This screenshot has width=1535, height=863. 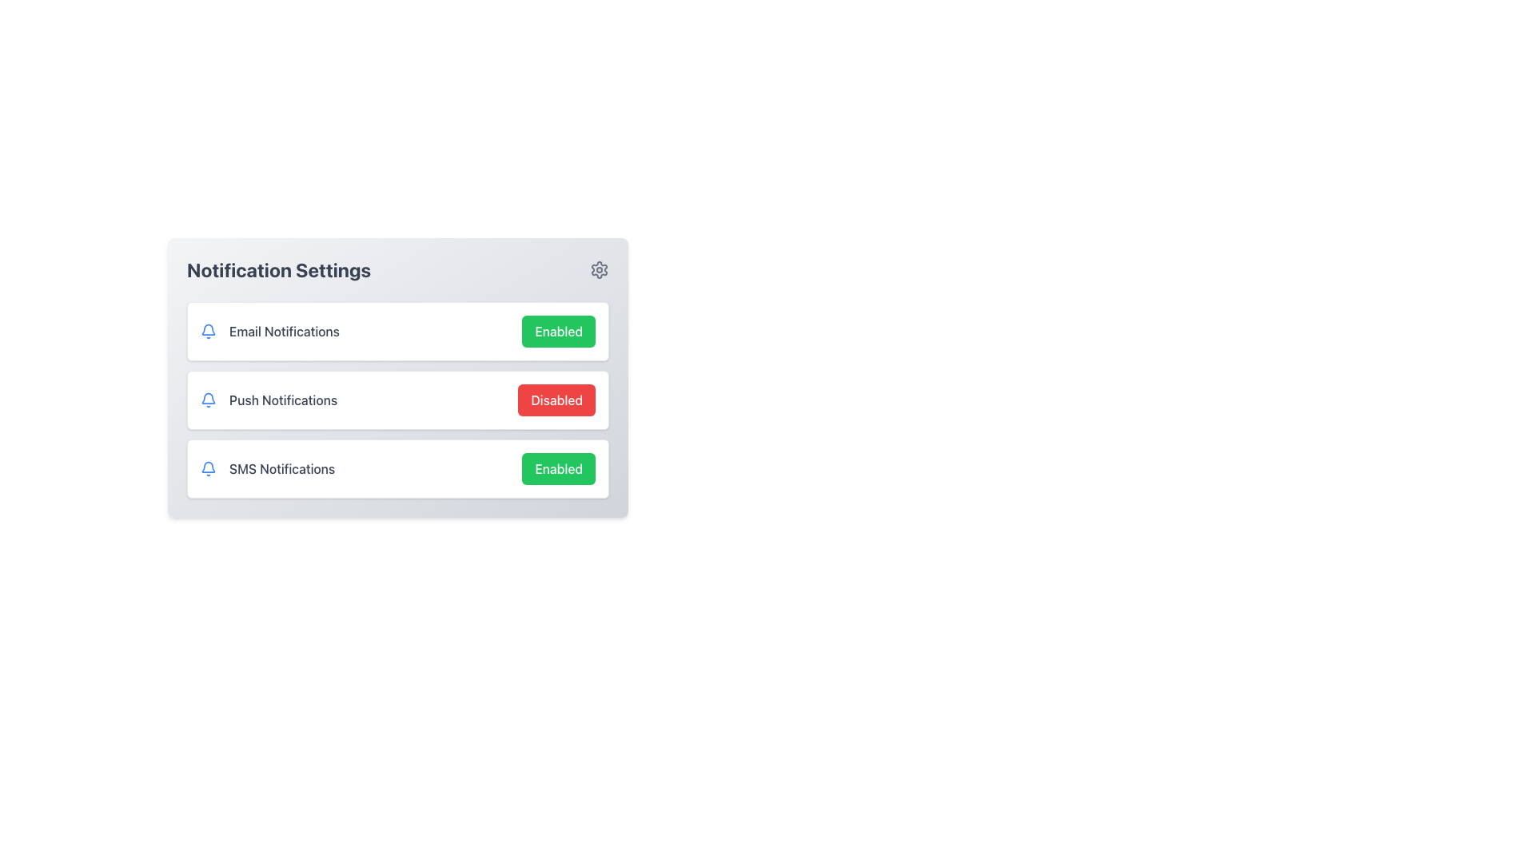 I want to click on the rectangular button with rounded corners, styled in bold red with white text reading 'Disabled', located to the far right within the 'Push Notifications' row, so click(x=556, y=400).